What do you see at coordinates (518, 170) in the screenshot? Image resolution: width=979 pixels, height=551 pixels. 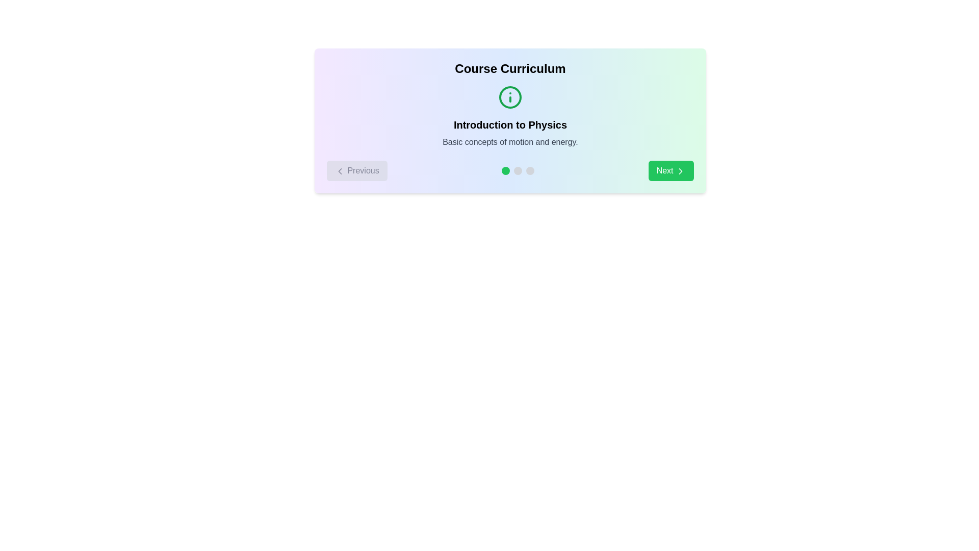 I see `the second circular button with a gray background in the lower central area of the 'Introduction to Physics' section` at bounding box center [518, 170].